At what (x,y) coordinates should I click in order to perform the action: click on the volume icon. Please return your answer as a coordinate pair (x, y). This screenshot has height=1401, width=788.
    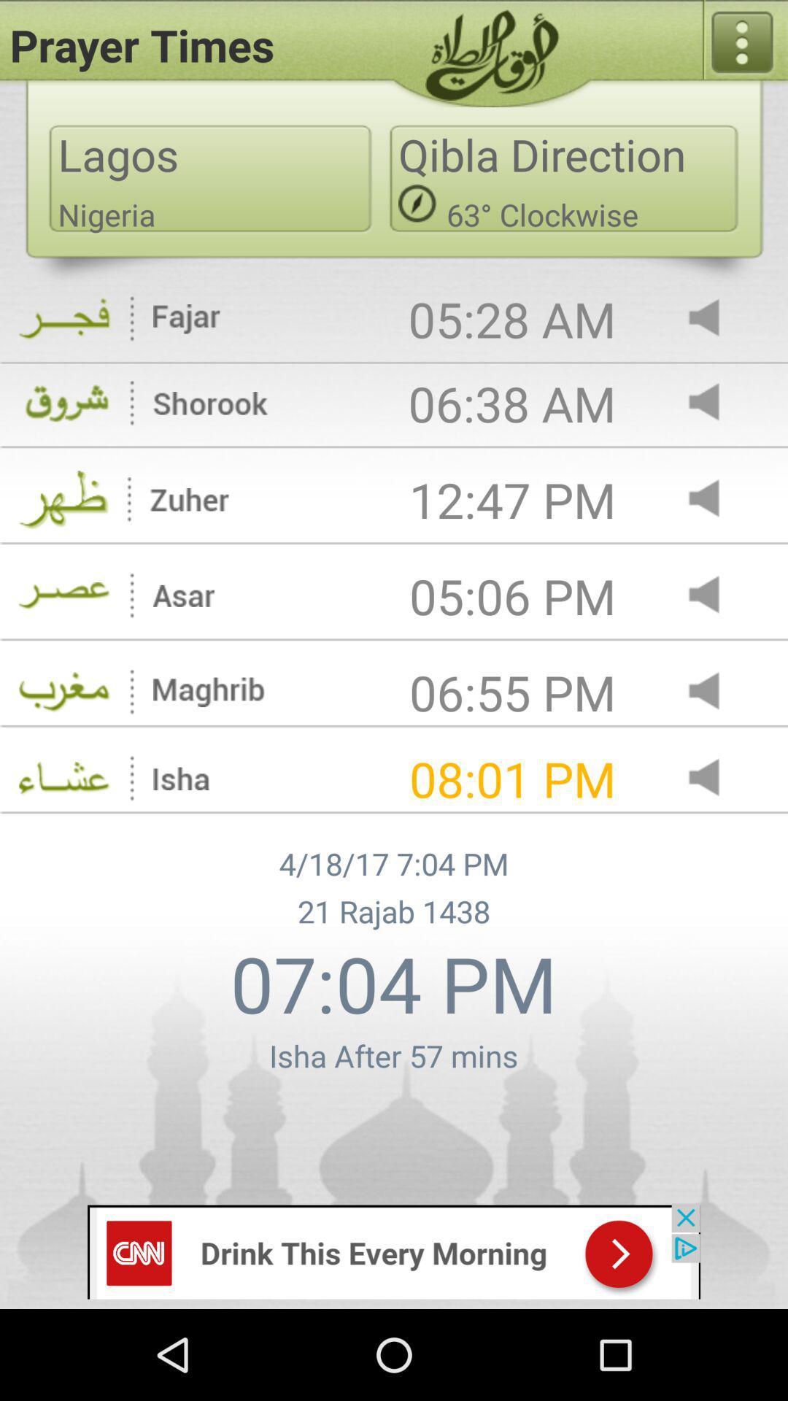
    Looking at the image, I should click on (716, 534).